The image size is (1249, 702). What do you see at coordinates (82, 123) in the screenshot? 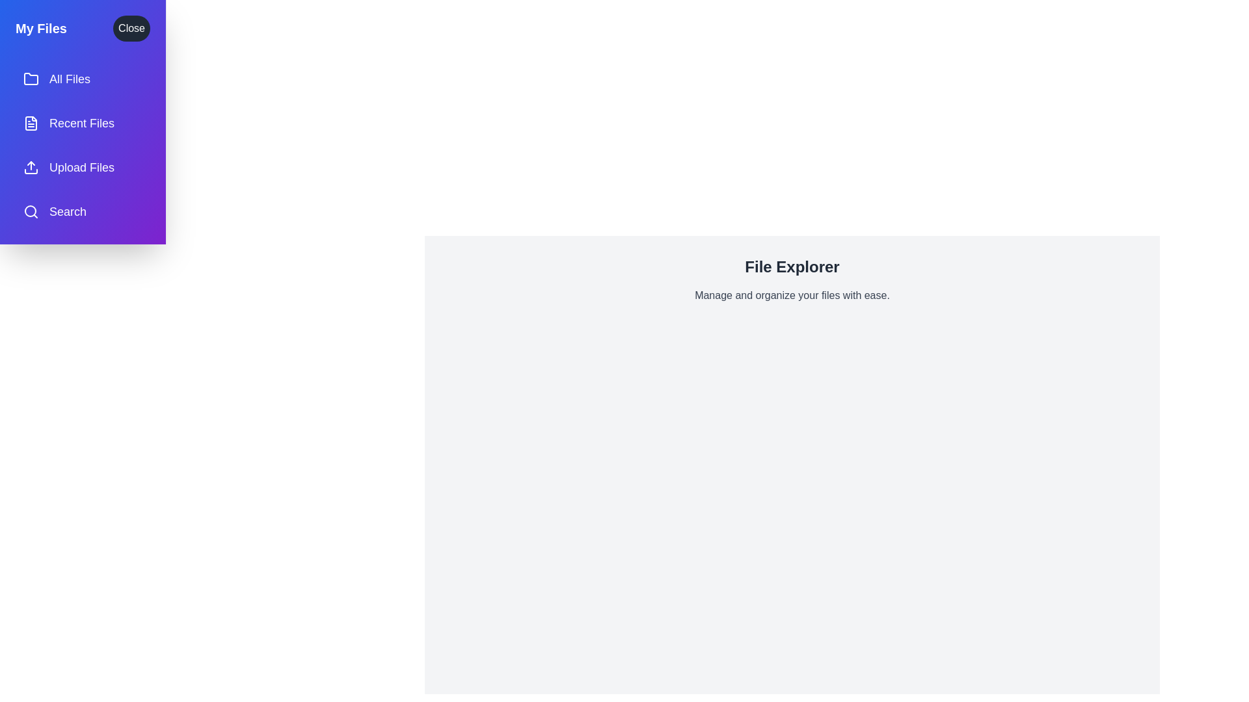
I see `the menu item labeled Recent Files` at bounding box center [82, 123].